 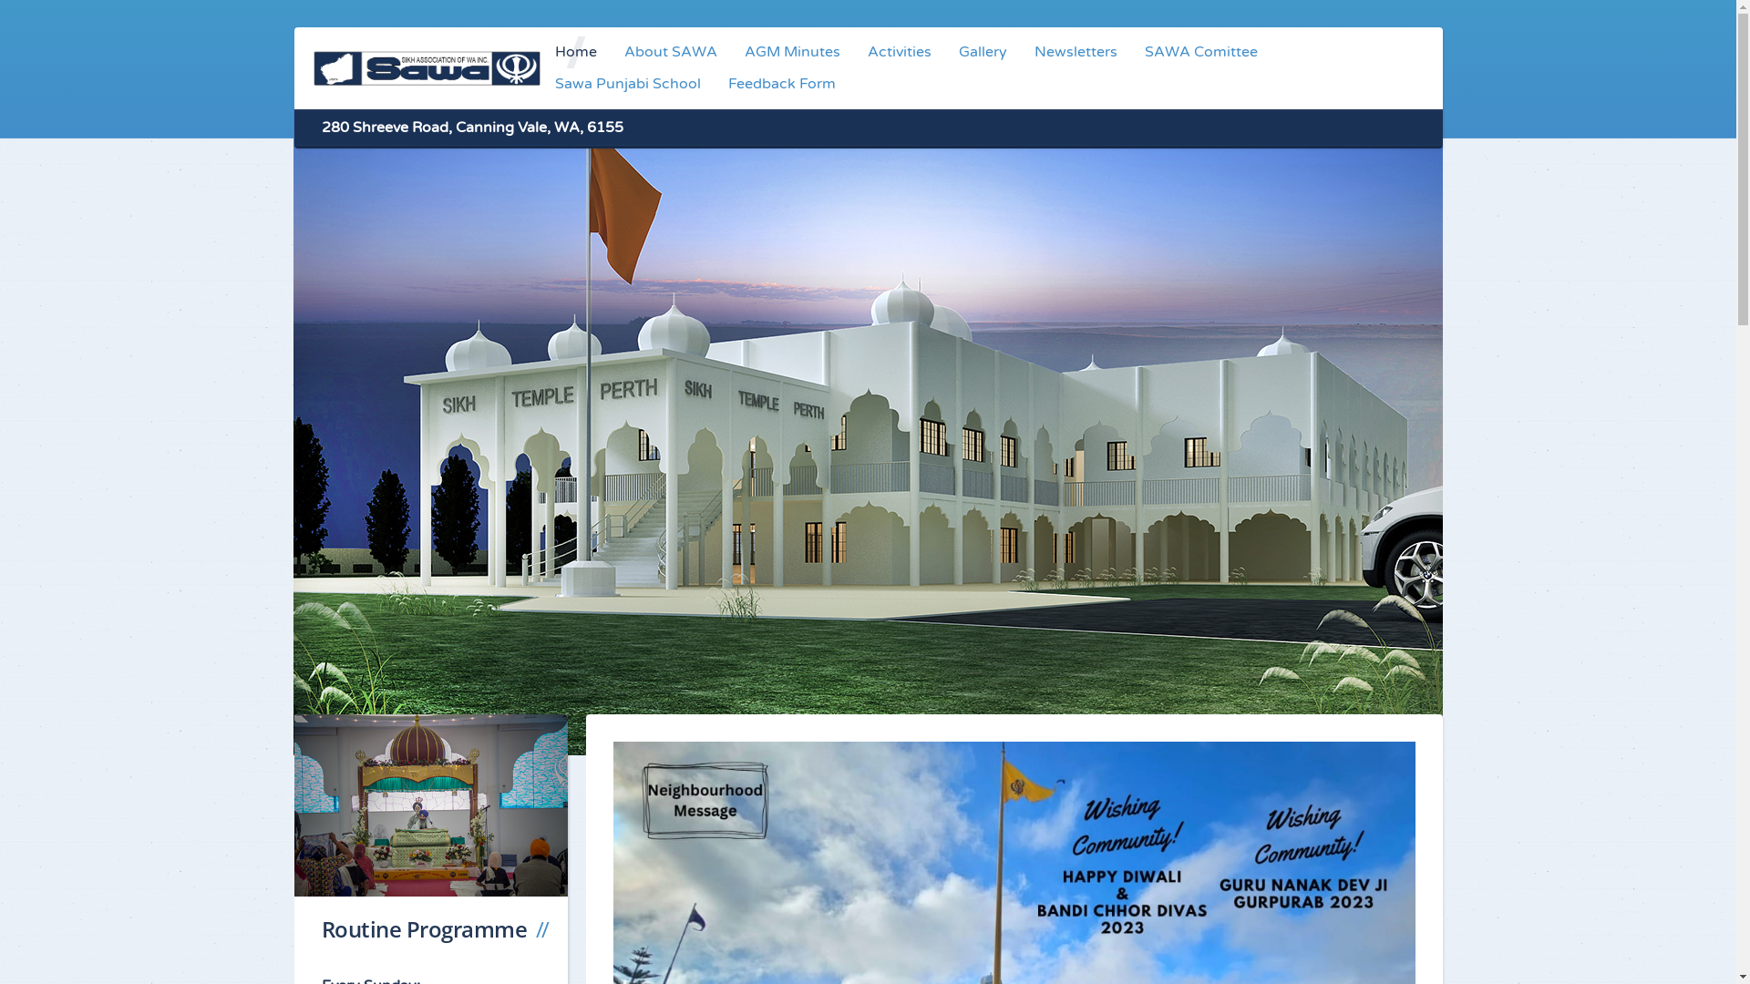 I want to click on 'SAWA Comittee', so click(x=1130, y=51).